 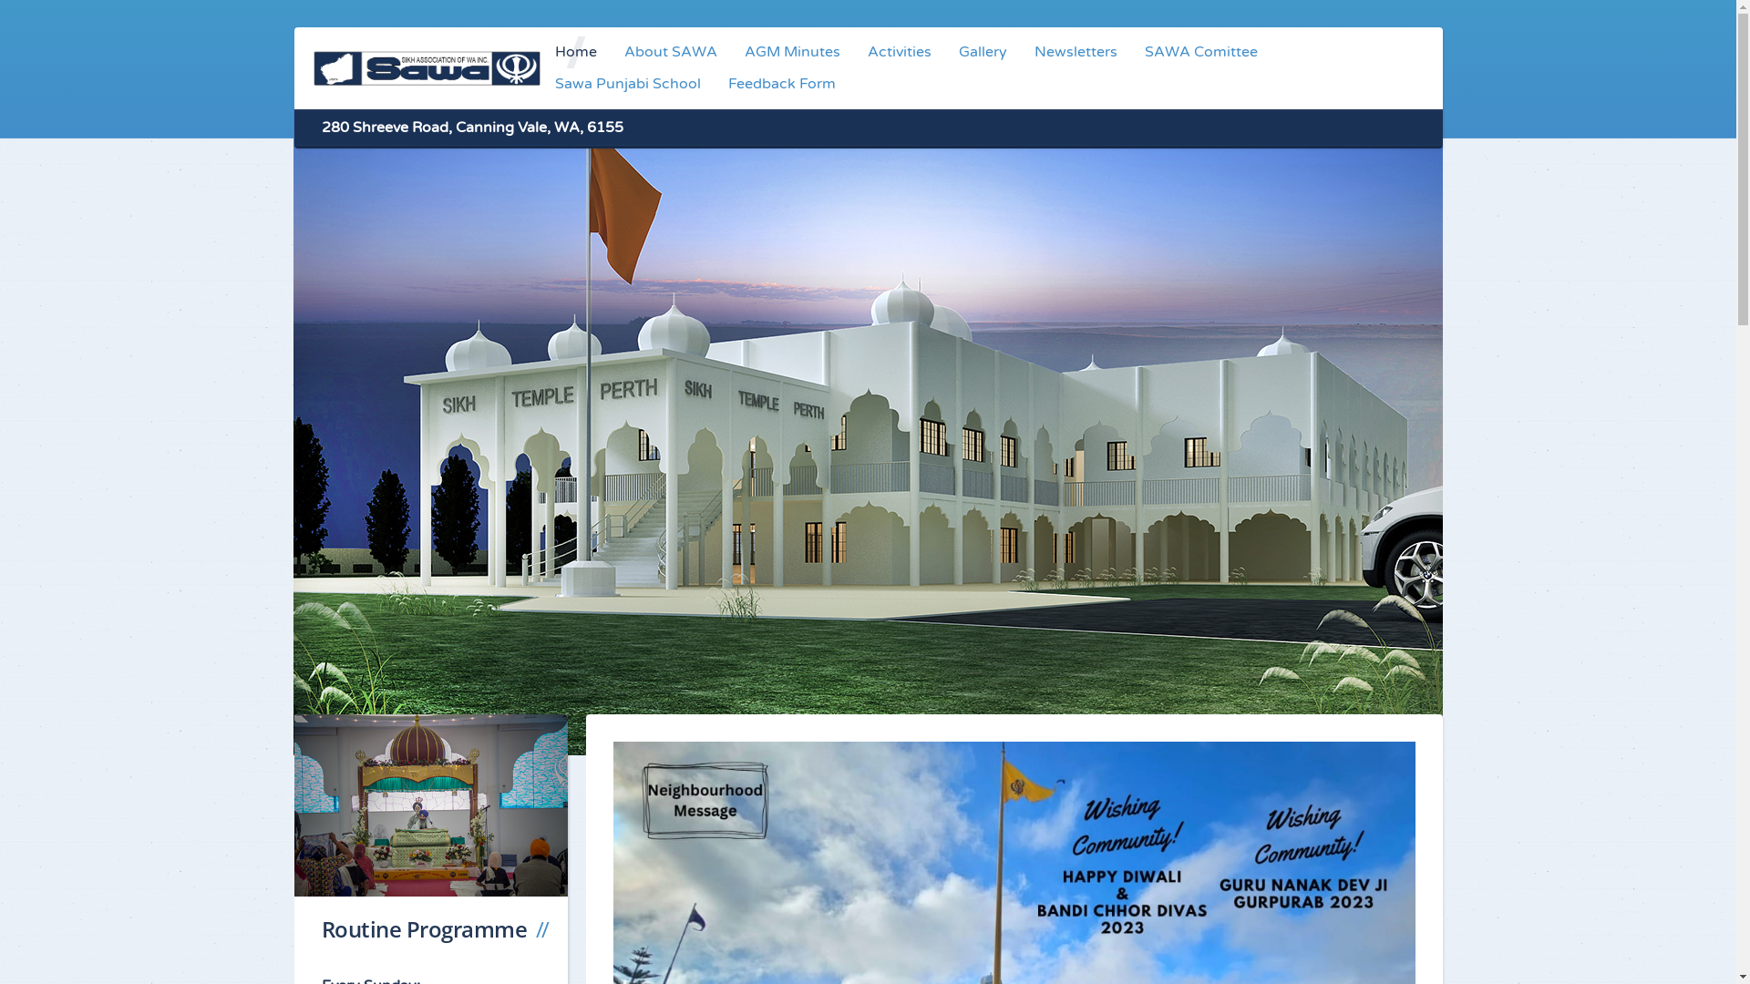 I want to click on 'SAWA Comittee', so click(x=1130, y=51).